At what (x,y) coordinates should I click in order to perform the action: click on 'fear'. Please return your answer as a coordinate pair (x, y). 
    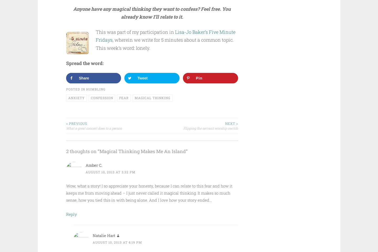
    Looking at the image, I should click on (119, 97).